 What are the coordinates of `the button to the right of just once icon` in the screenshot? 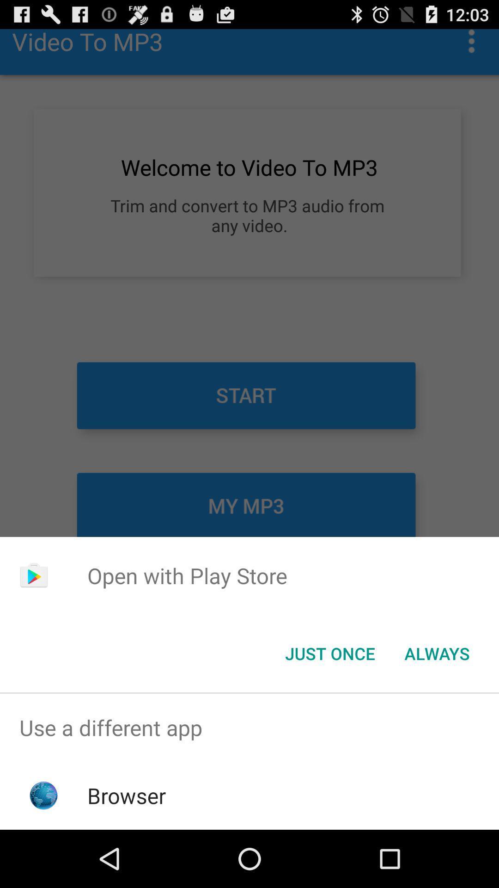 It's located at (437, 653).